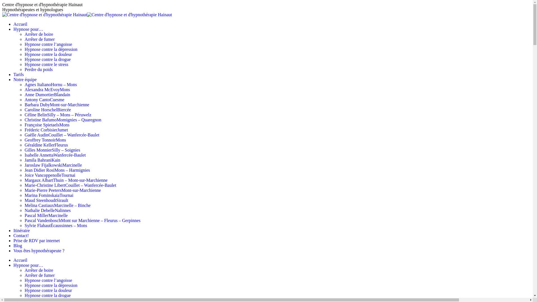 This screenshot has width=537, height=302. I want to click on 'Pascal MillerMarcinelle', so click(46, 215).